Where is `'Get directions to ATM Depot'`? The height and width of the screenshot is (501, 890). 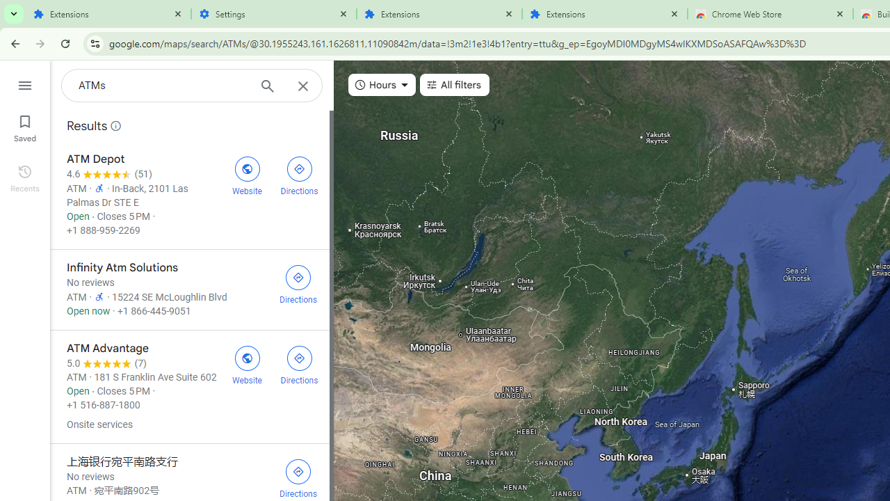
'Get directions to ATM Depot' is located at coordinates (298, 173).